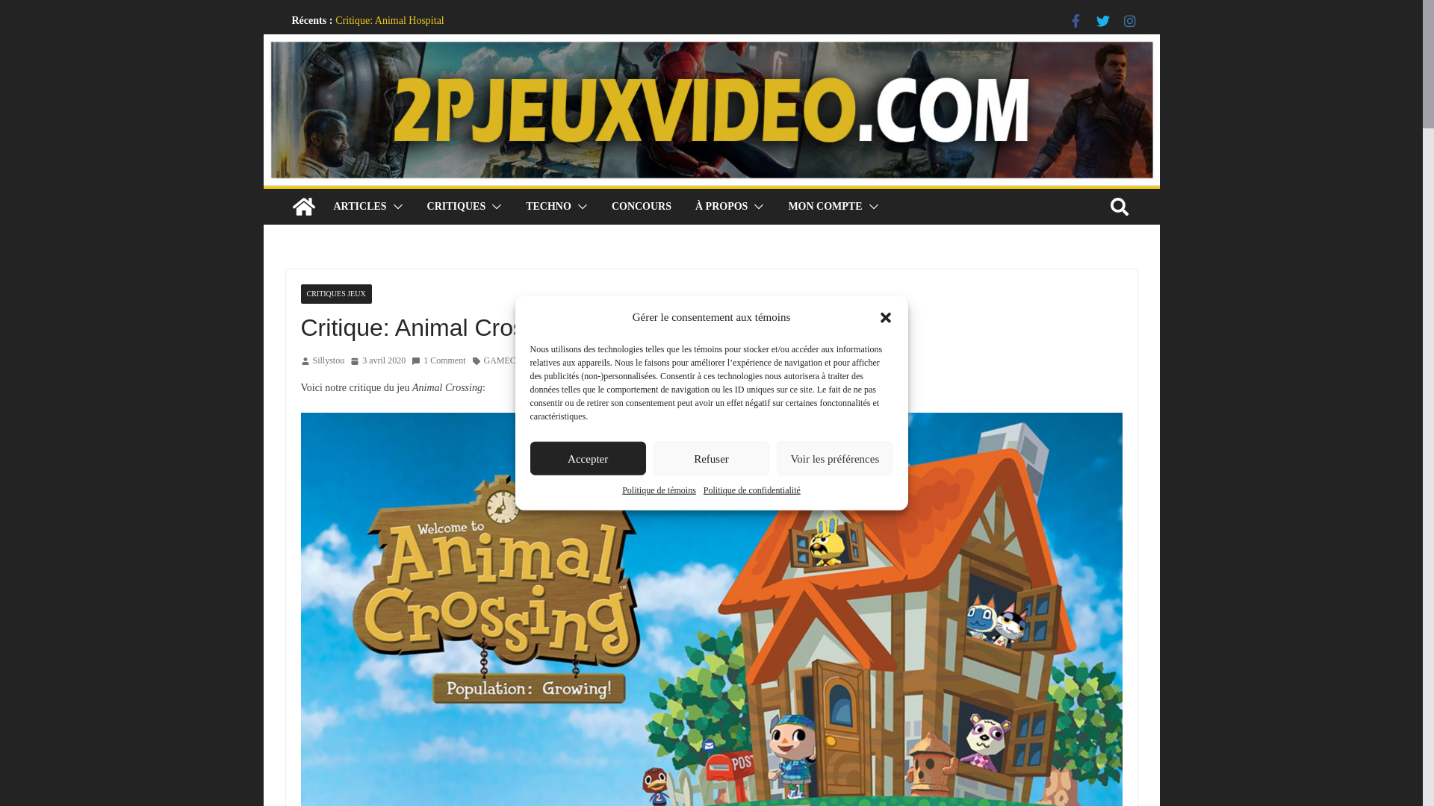  What do you see at coordinates (299, 293) in the screenshot?
I see `'CRITIQUES JEUX'` at bounding box center [299, 293].